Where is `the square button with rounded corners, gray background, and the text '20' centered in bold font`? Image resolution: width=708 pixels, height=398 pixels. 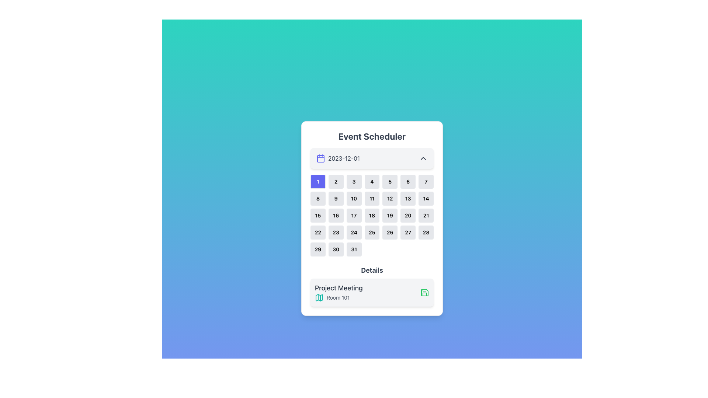
the square button with rounded corners, gray background, and the text '20' centered in bold font is located at coordinates (407, 216).